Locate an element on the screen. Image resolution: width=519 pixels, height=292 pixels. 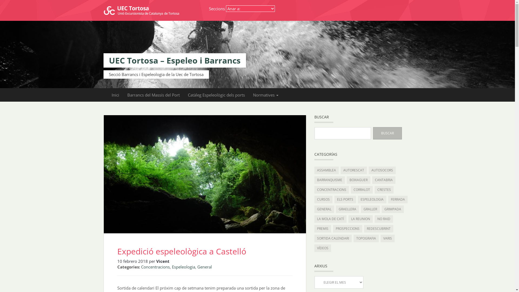
'NO RAID' is located at coordinates (384, 219).